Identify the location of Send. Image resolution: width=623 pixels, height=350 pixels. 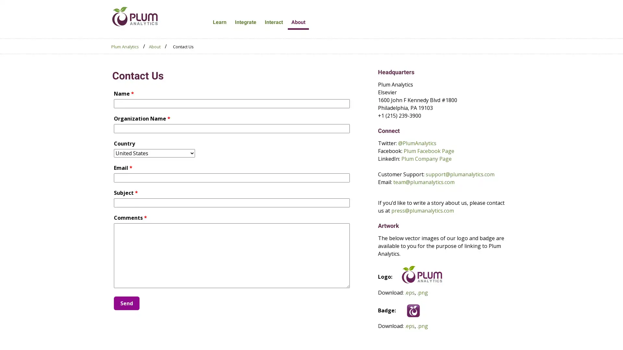
(127, 303).